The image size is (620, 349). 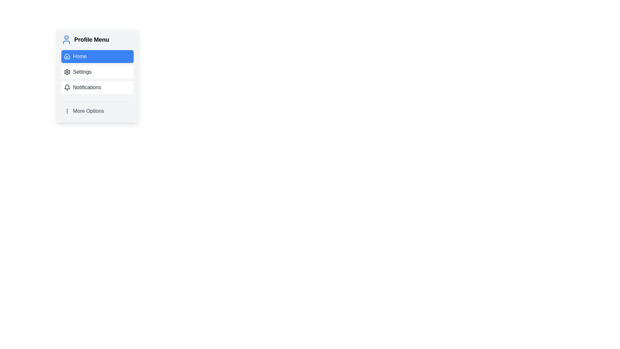 What do you see at coordinates (67, 42) in the screenshot?
I see `the graphical icon component that resembles the bottom portion of a user profile icon, located in the 'Profile Menu' section above the 'Home' button` at bounding box center [67, 42].